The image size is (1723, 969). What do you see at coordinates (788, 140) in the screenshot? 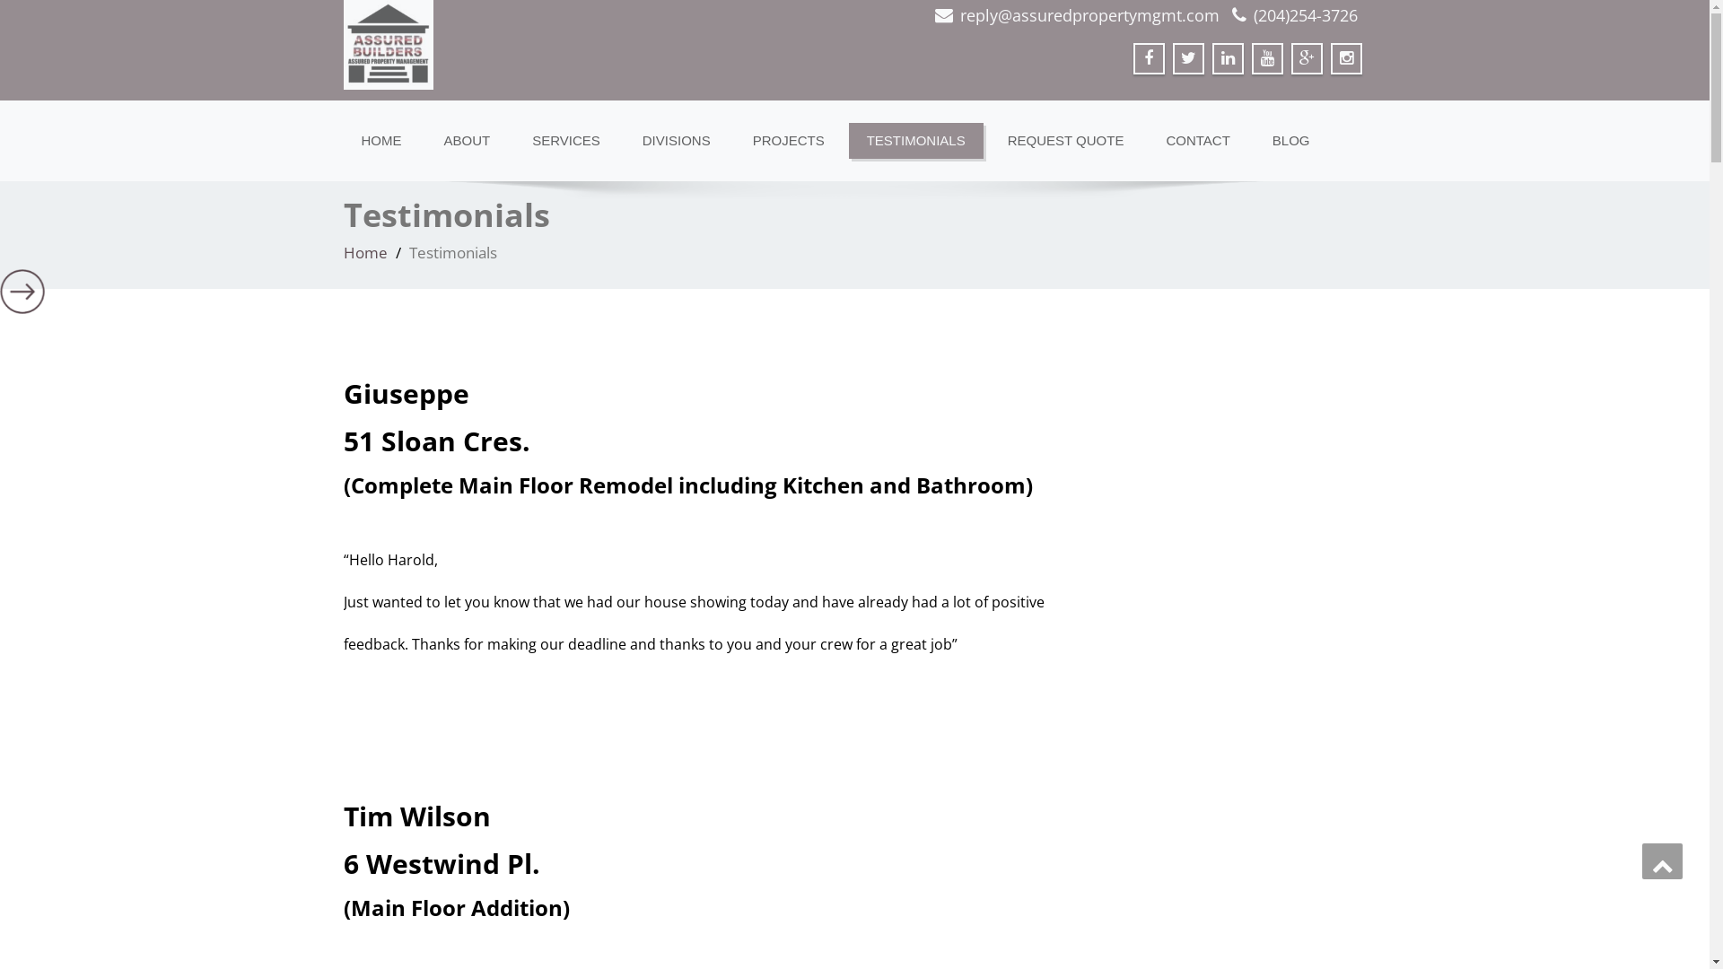
I see `'PROJECTS'` at bounding box center [788, 140].